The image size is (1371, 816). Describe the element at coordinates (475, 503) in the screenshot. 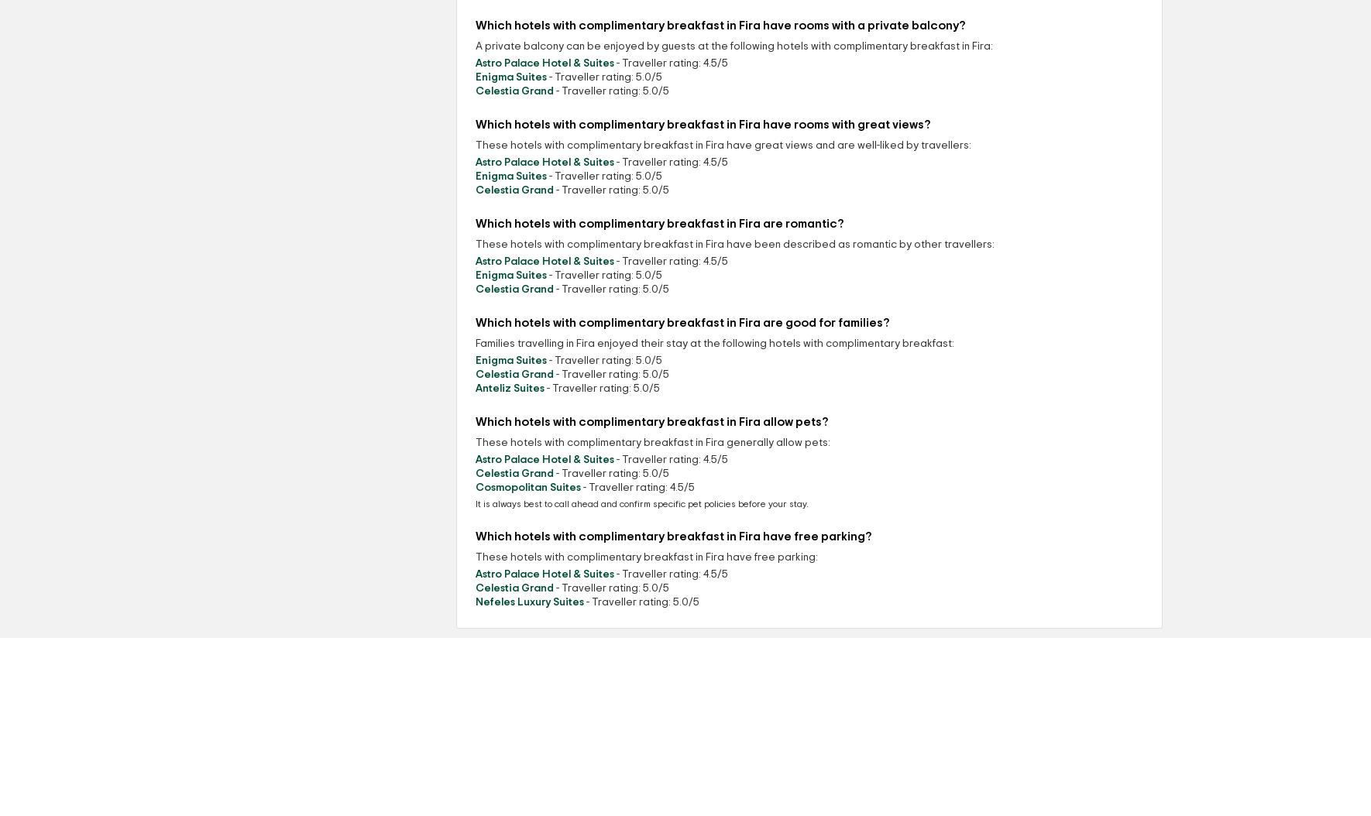

I see `'It is always best to call ahead and confirm specific pet policies before your stay.'` at that location.